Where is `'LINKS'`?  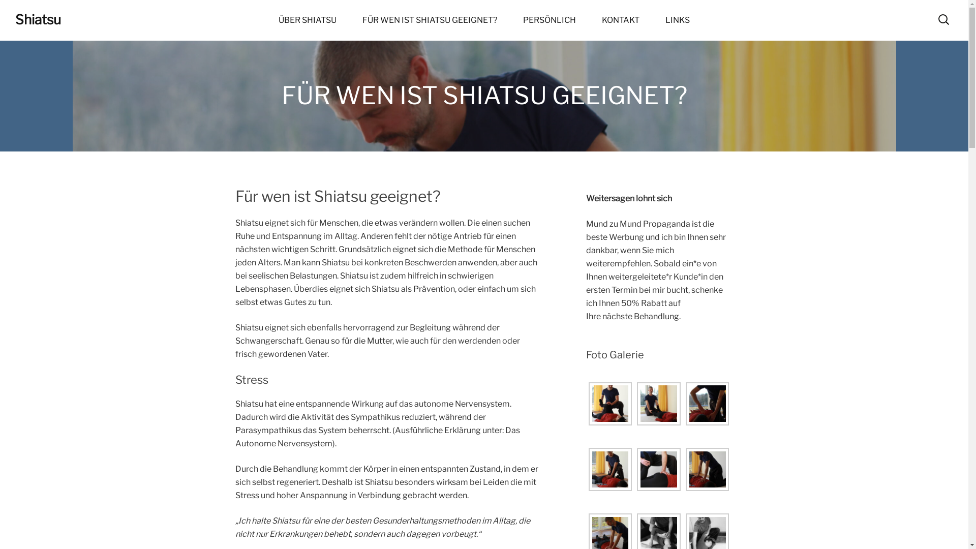 'LINKS' is located at coordinates (678, 20).